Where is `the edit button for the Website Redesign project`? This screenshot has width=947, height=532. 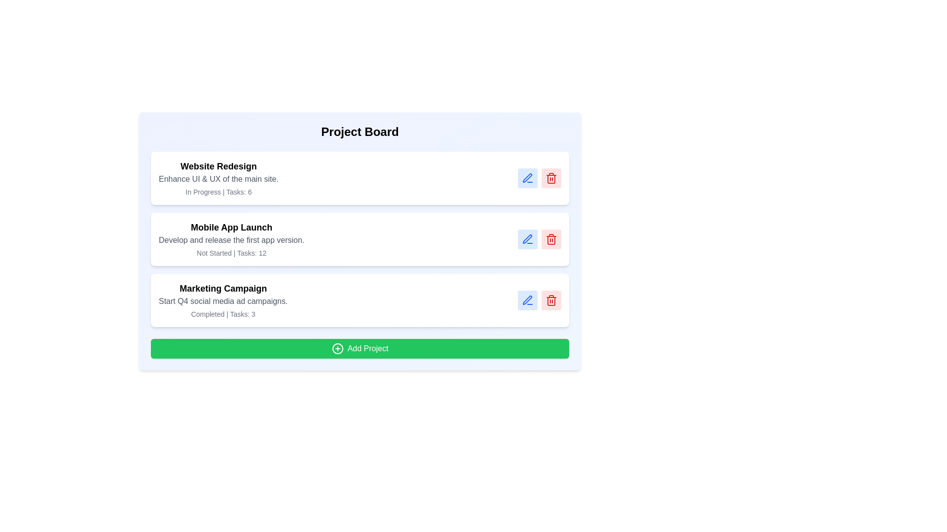
the edit button for the Website Redesign project is located at coordinates (527, 178).